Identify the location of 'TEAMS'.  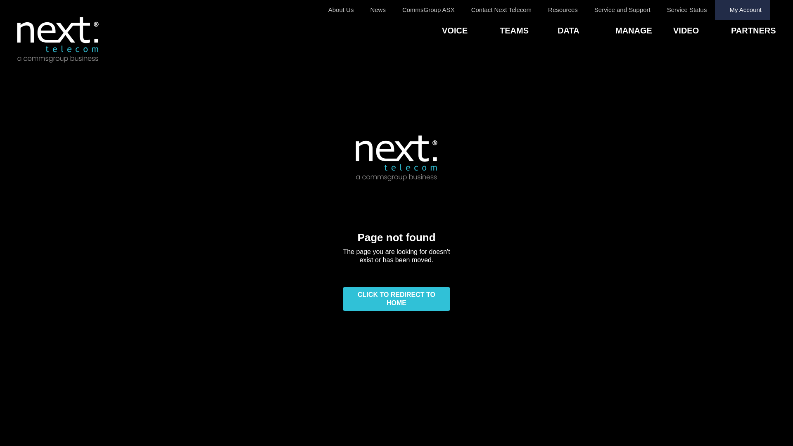
(529, 31).